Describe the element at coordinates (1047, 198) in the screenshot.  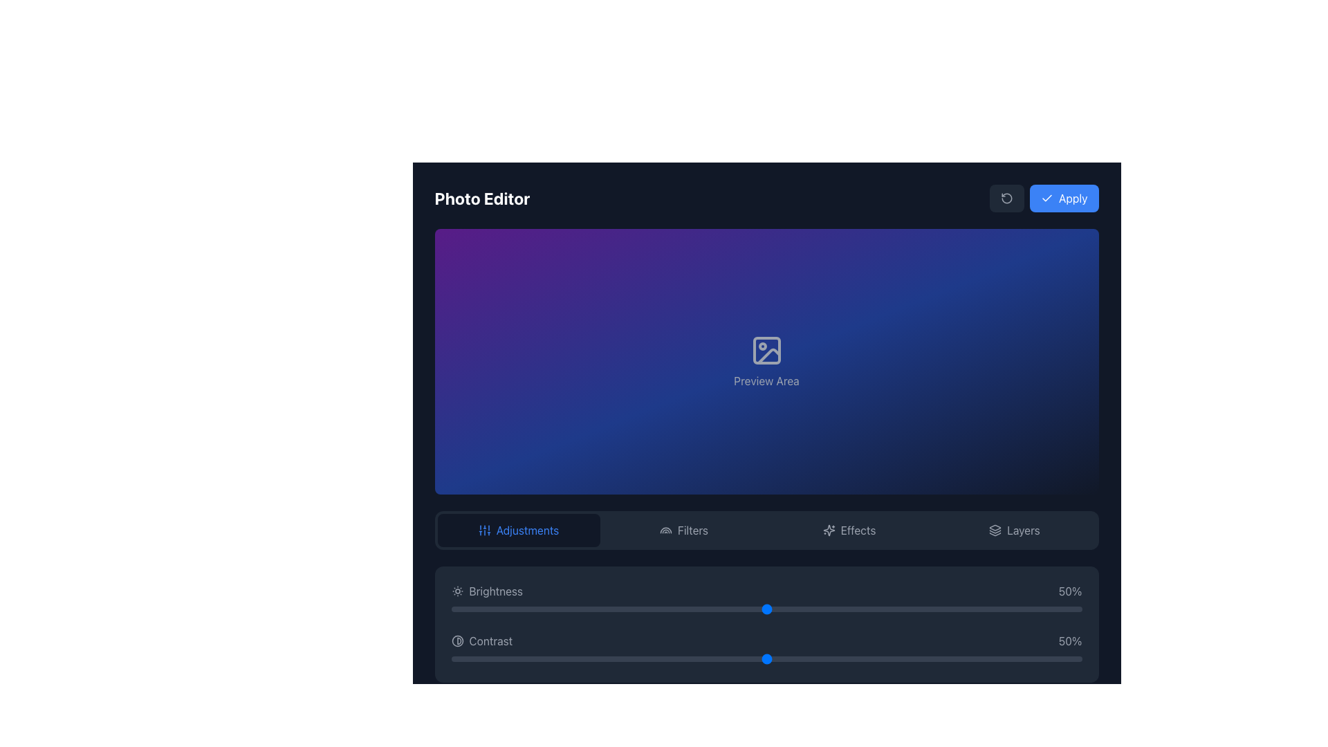
I see `the SVG checkmark icon inside the blue 'Apply' button located at the top-right corner of the interface` at that location.